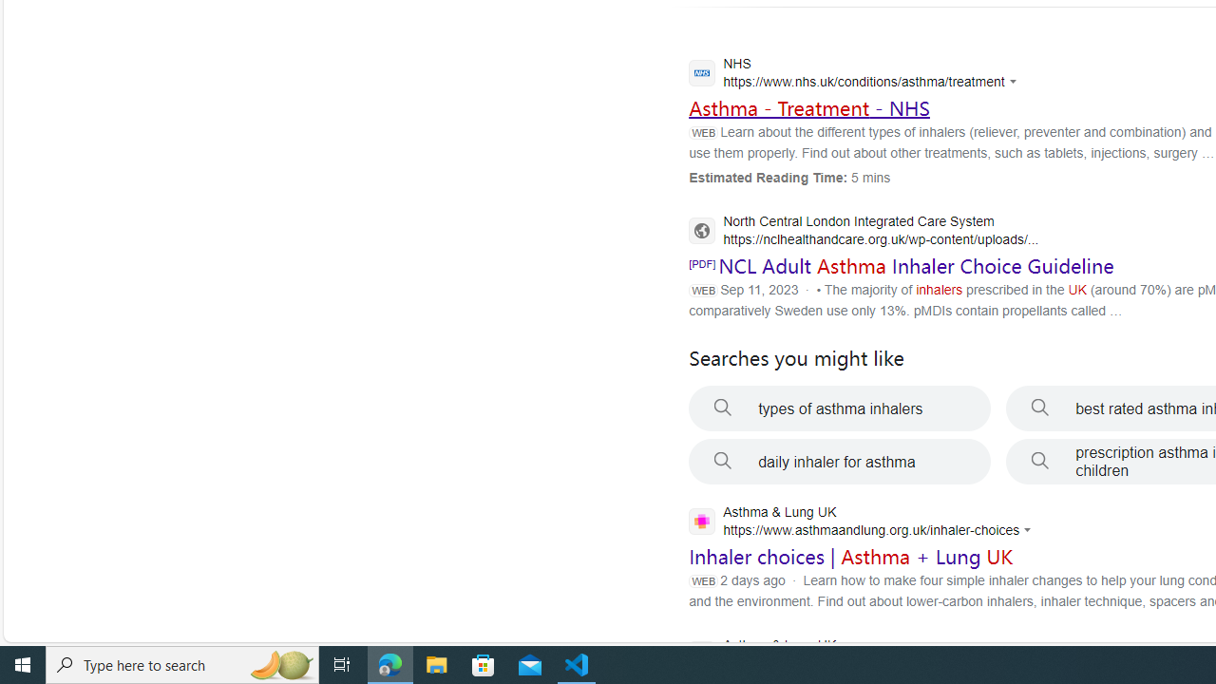  I want to click on 'Actions for this site', so click(1029, 530).